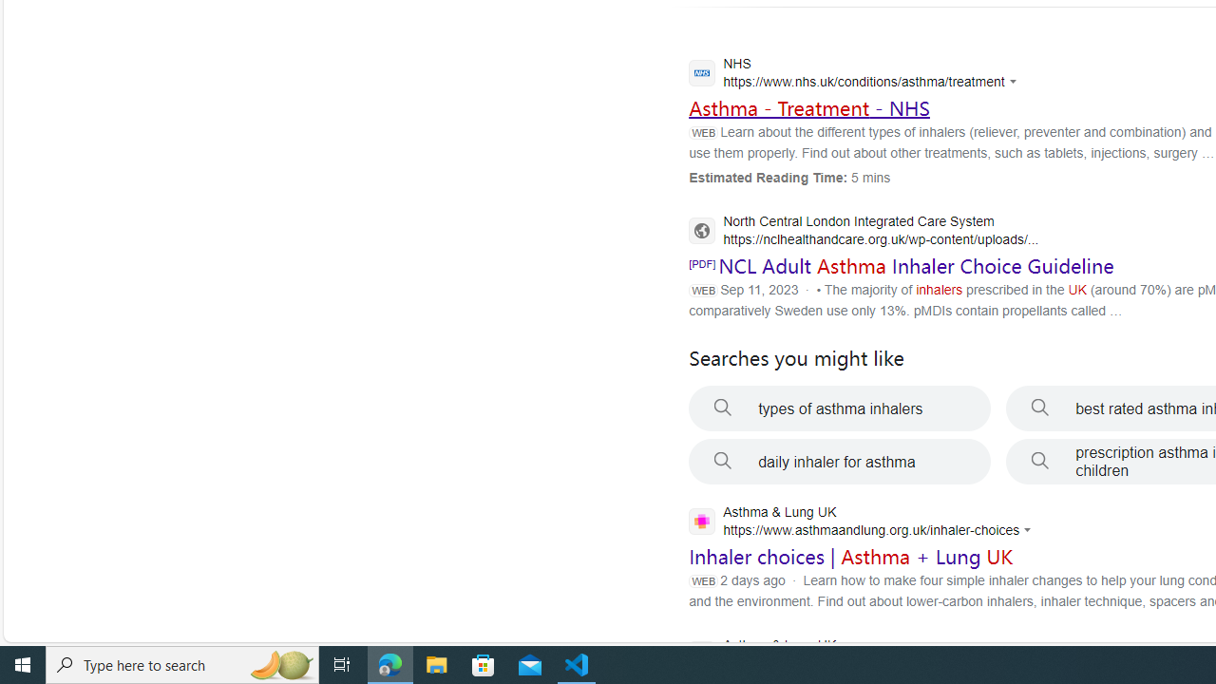  I want to click on 'Actions for this site', so click(1029, 530).